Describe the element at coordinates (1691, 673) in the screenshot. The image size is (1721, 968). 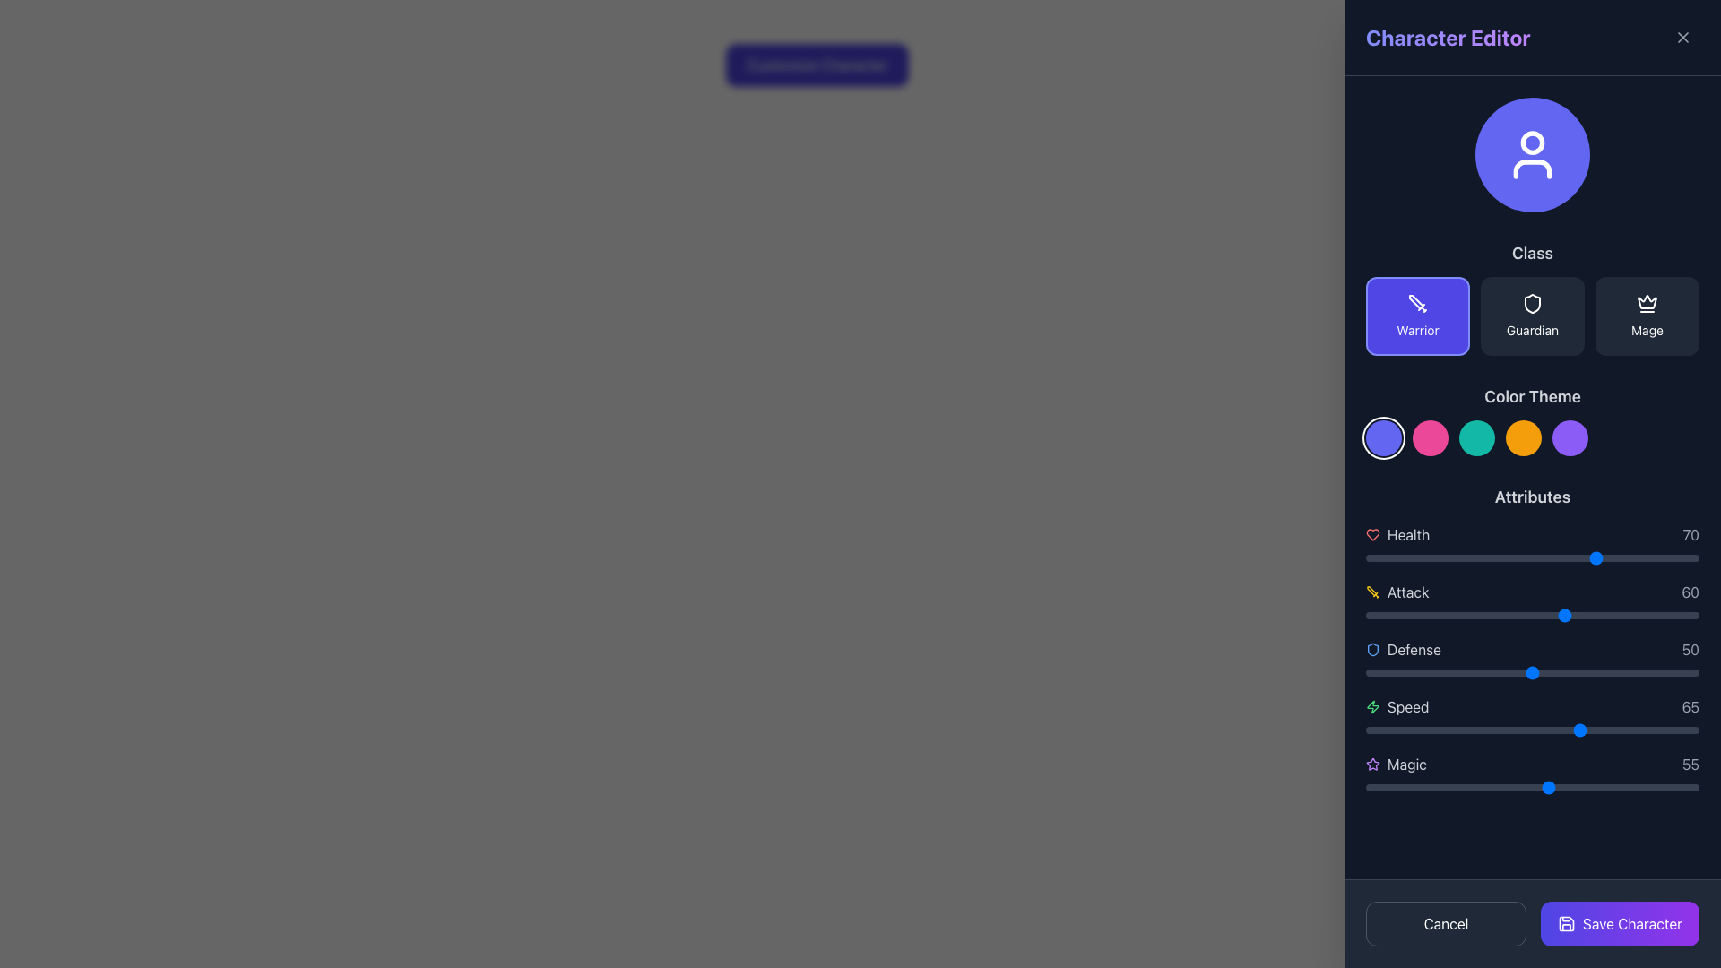
I see `the defense level` at that location.